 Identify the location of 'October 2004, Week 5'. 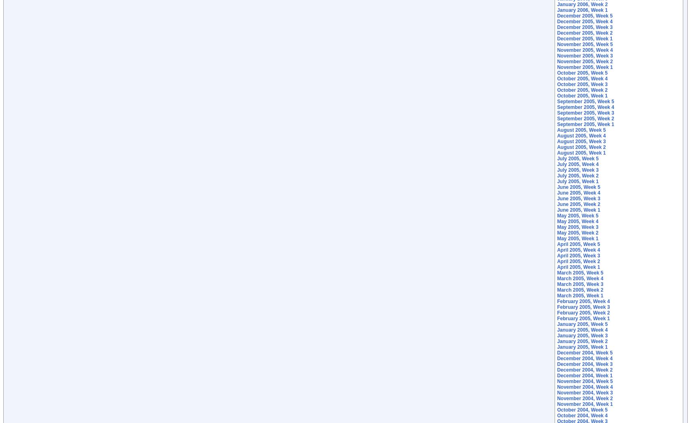
(582, 410).